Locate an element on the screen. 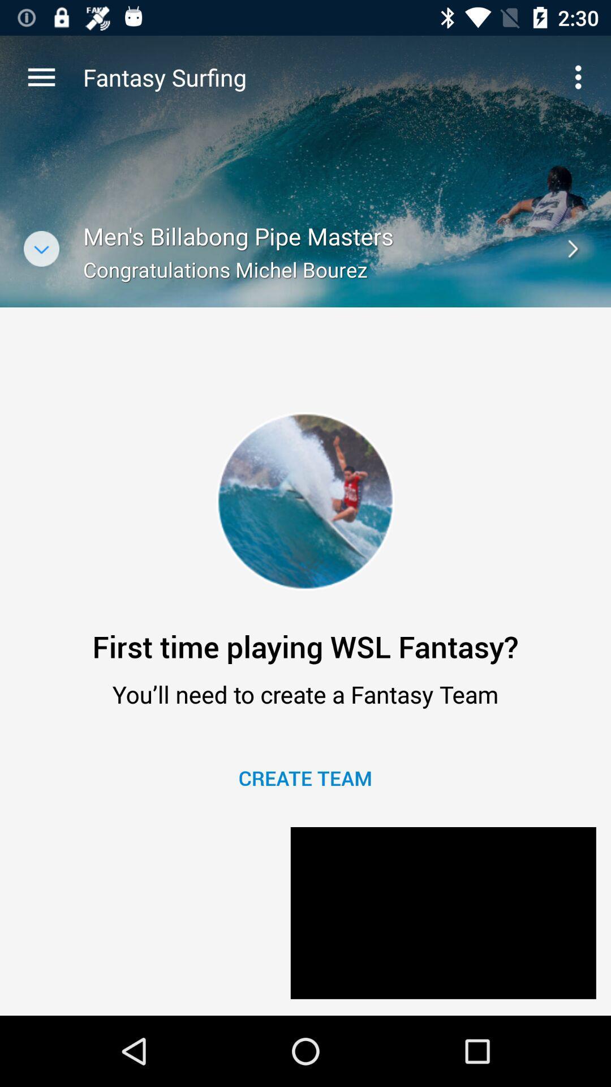 The height and width of the screenshot is (1087, 611). more info is located at coordinates (41, 248).